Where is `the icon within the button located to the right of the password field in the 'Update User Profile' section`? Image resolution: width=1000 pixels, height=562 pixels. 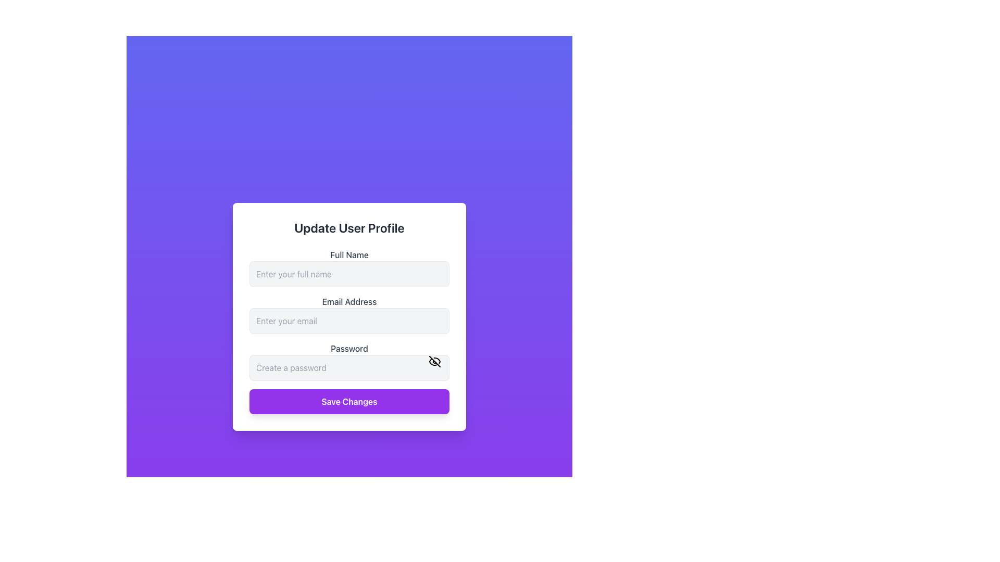 the icon within the button located to the right of the password field in the 'Update User Profile' section is located at coordinates (435, 361).